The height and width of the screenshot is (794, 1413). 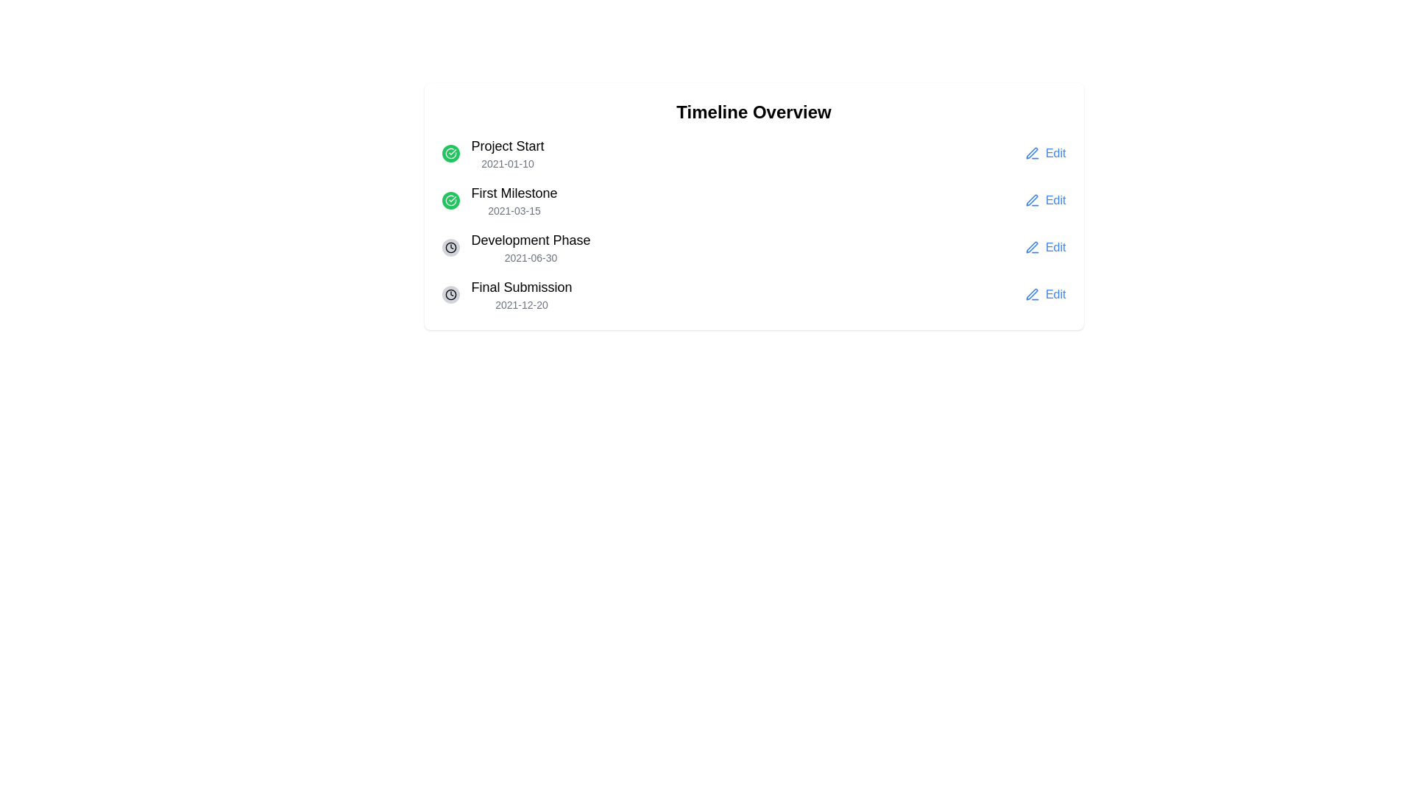 What do you see at coordinates (450, 246) in the screenshot?
I see `the circular clock icon with a black outline located next to the 'Development Phase' milestone in the timeline overview` at bounding box center [450, 246].